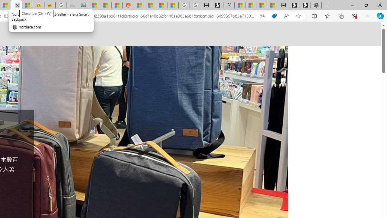 The width and height of the screenshot is (387, 218). Describe the element at coordinates (139, 5) in the screenshot. I see `'R******* | Trusted Community Engagement and Contributions'` at that location.